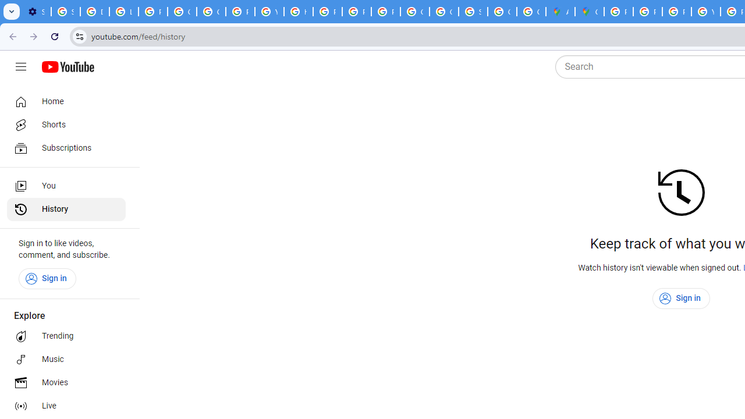 The image size is (745, 419). I want to click on 'Music', so click(65, 359).